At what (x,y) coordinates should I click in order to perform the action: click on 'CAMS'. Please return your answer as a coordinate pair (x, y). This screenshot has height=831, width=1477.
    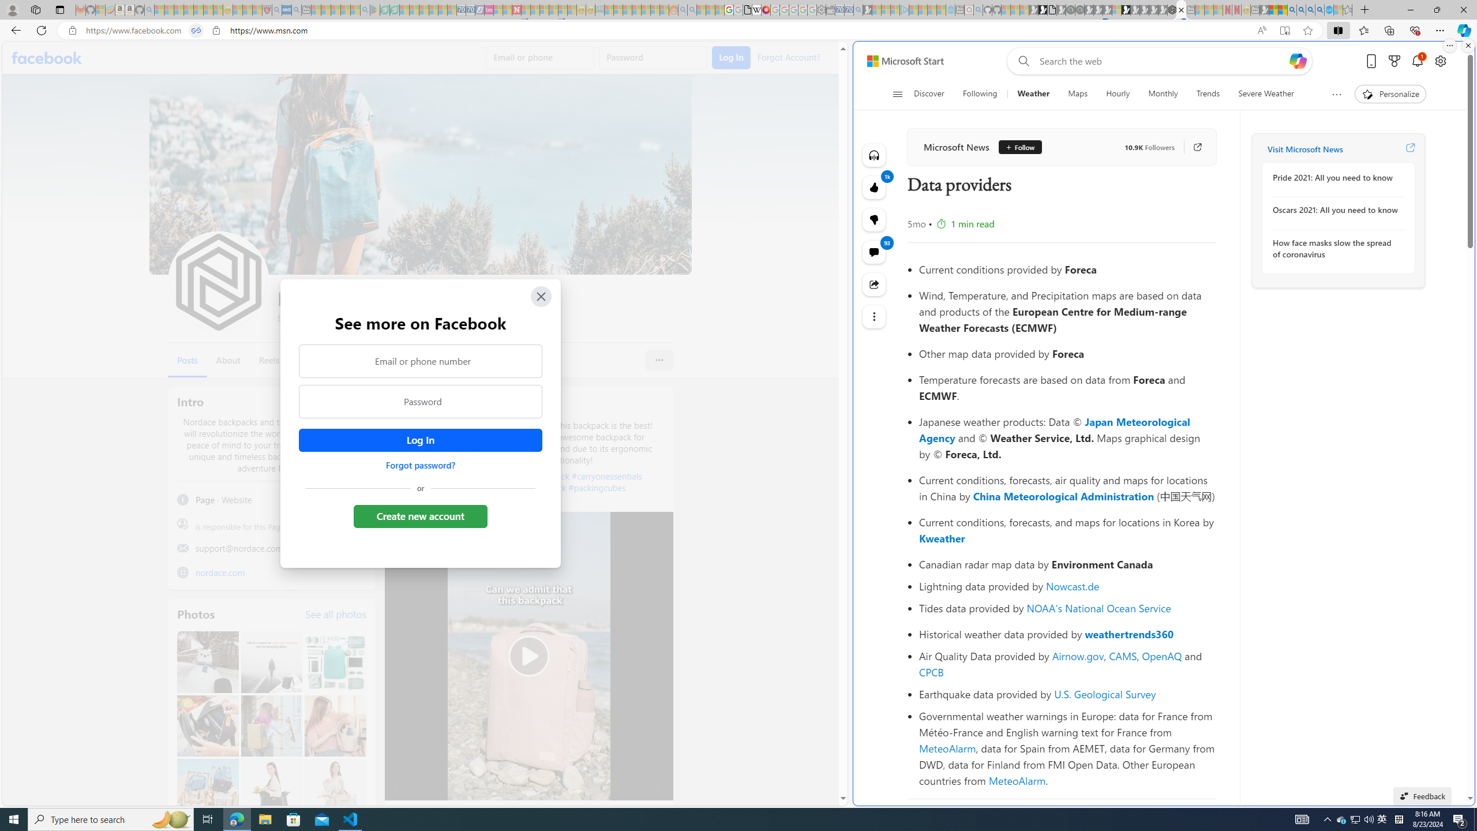
    Looking at the image, I should click on (1122, 655).